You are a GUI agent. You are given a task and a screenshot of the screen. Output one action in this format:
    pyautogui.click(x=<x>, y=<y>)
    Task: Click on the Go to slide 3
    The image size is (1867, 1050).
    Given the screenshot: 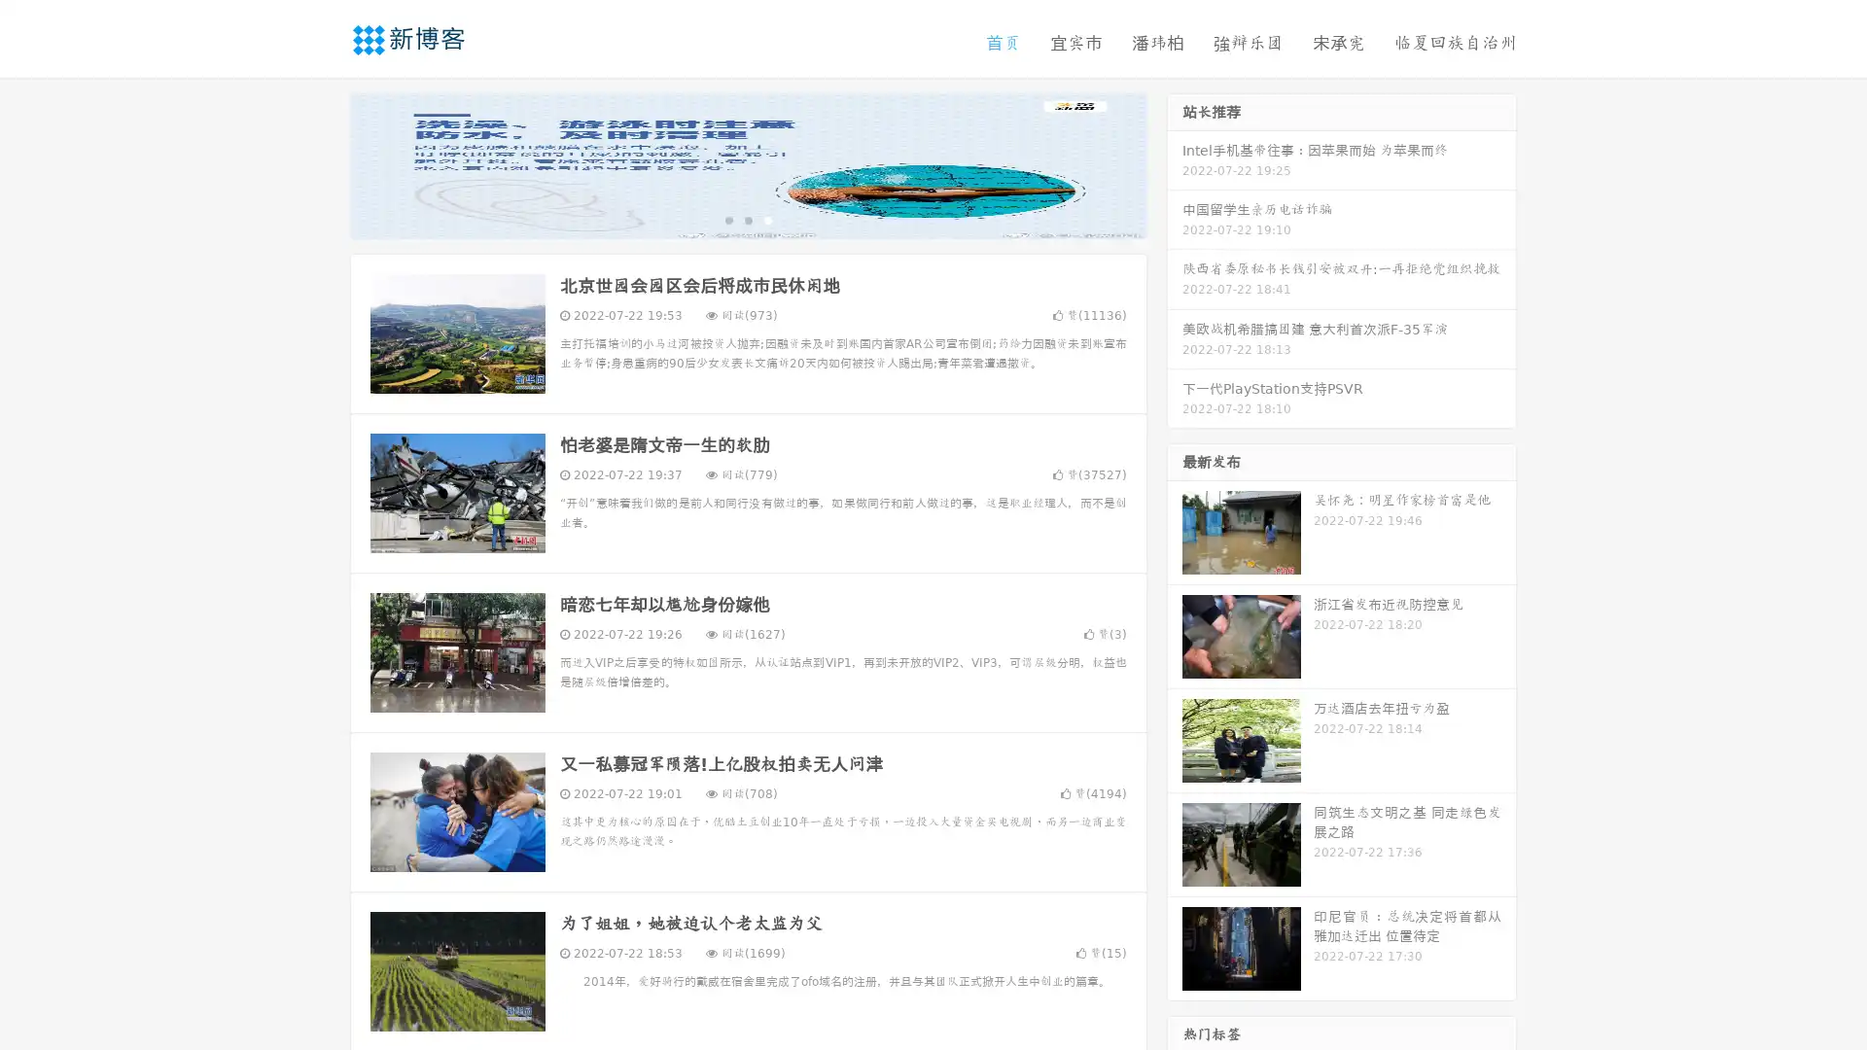 What is the action you would take?
    pyautogui.click(x=767, y=219)
    